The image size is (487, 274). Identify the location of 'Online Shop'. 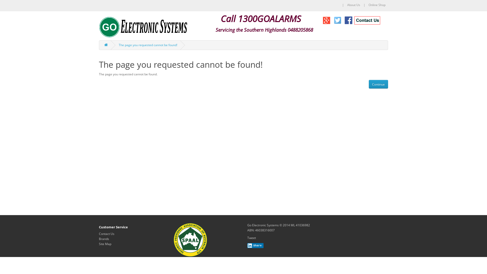
(377, 5).